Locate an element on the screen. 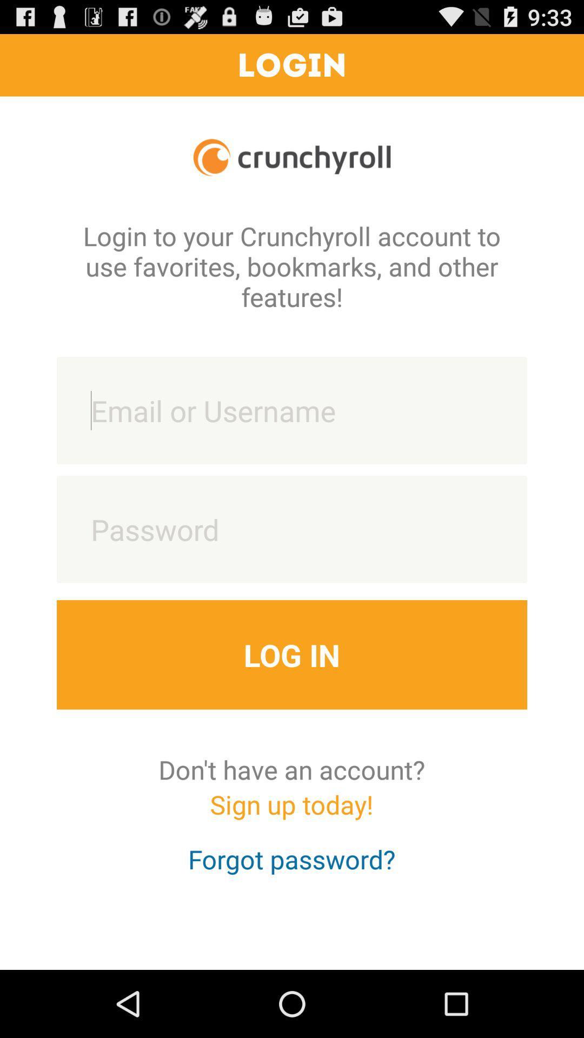 Image resolution: width=584 pixels, height=1038 pixels. password to login is located at coordinates (292, 529).